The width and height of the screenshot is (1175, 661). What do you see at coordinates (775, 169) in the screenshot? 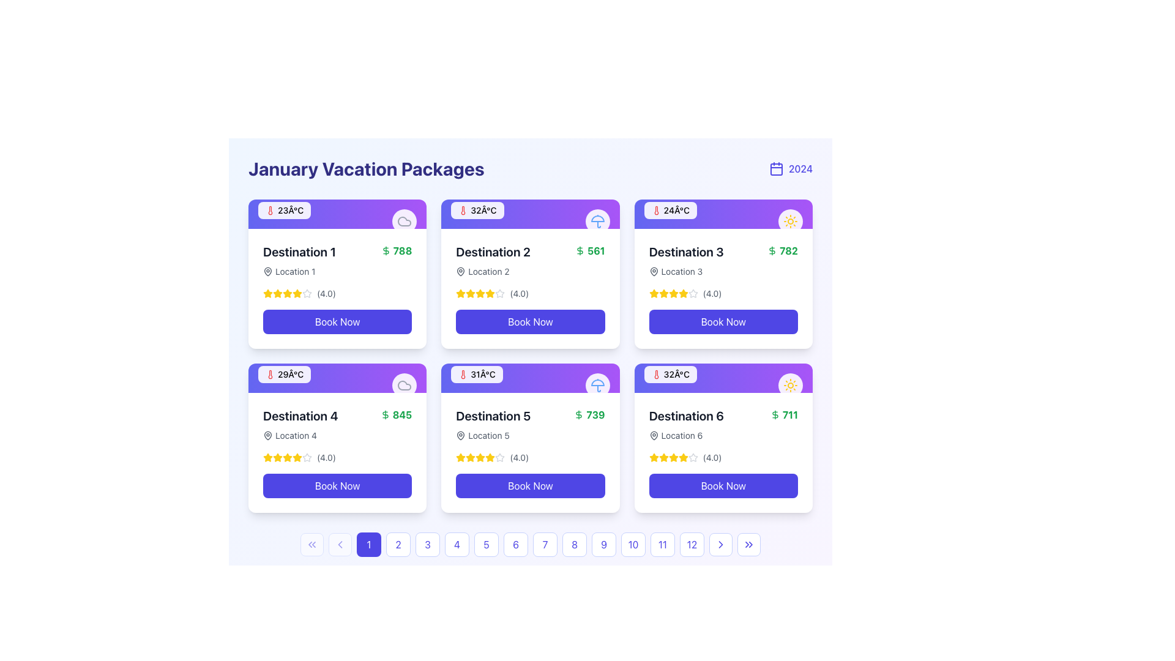
I see `the calendar icon, which is a square outline with a white background and blue stroke, located in the top-right corner of the interface, adjacent to the text '2024'` at bounding box center [775, 169].